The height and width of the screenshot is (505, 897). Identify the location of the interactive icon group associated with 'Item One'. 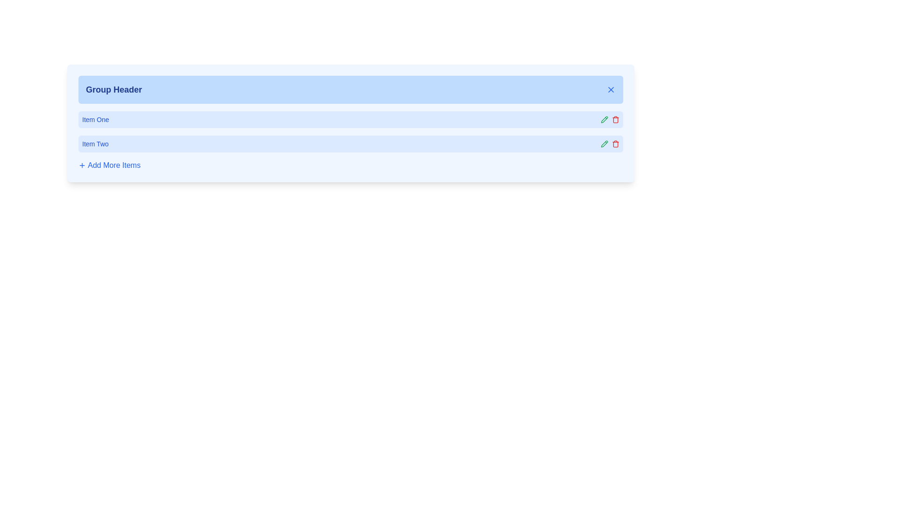
(610, 119).